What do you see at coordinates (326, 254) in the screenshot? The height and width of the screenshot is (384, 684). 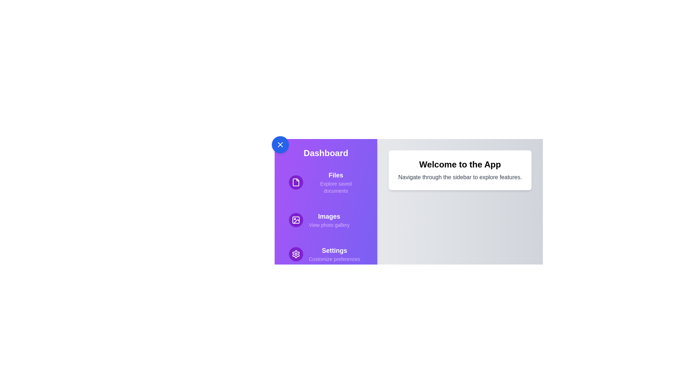 I see `the menu item Settings to view its highlight effect` at bounding box center [326, 254].